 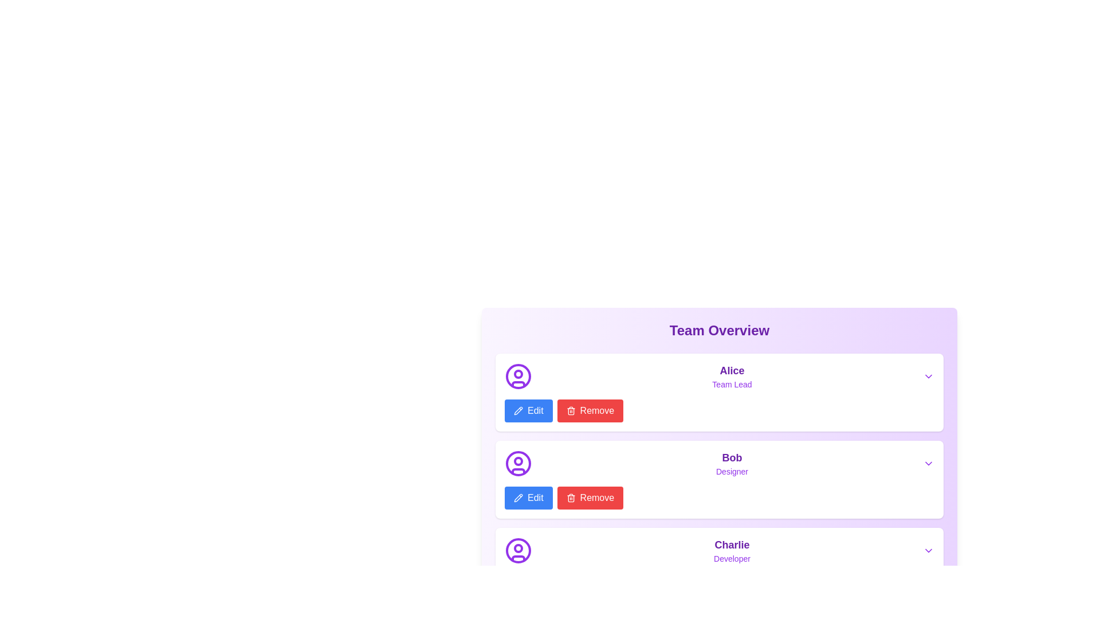 What do you see at coordinates (518, 463) in the screenshot?
I see `the user profile icon representing 'Bob' in the 'Team Overview' section, which is located to the left of his name and role text` at bounding box center [518, 463].